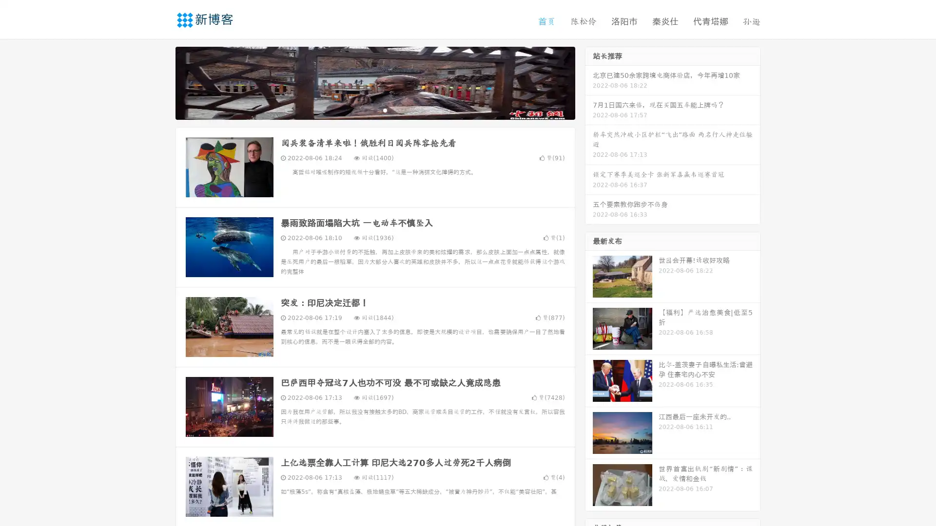 The width and height of the screenshot is (936, 526). What do you see at coordinates (385, 110) in the screenshot?
I see `Go to slide 3` at bounding box center [385, 110].